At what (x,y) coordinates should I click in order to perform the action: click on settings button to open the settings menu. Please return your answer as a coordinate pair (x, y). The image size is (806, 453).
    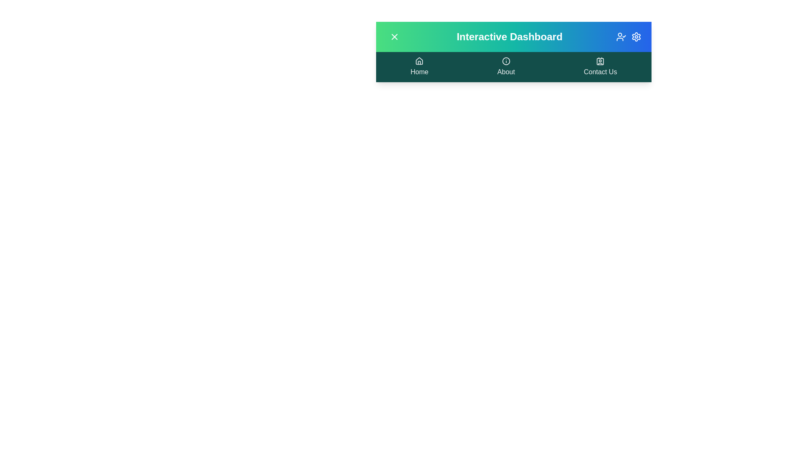
    Looking at the image, I should click on (636, 36).